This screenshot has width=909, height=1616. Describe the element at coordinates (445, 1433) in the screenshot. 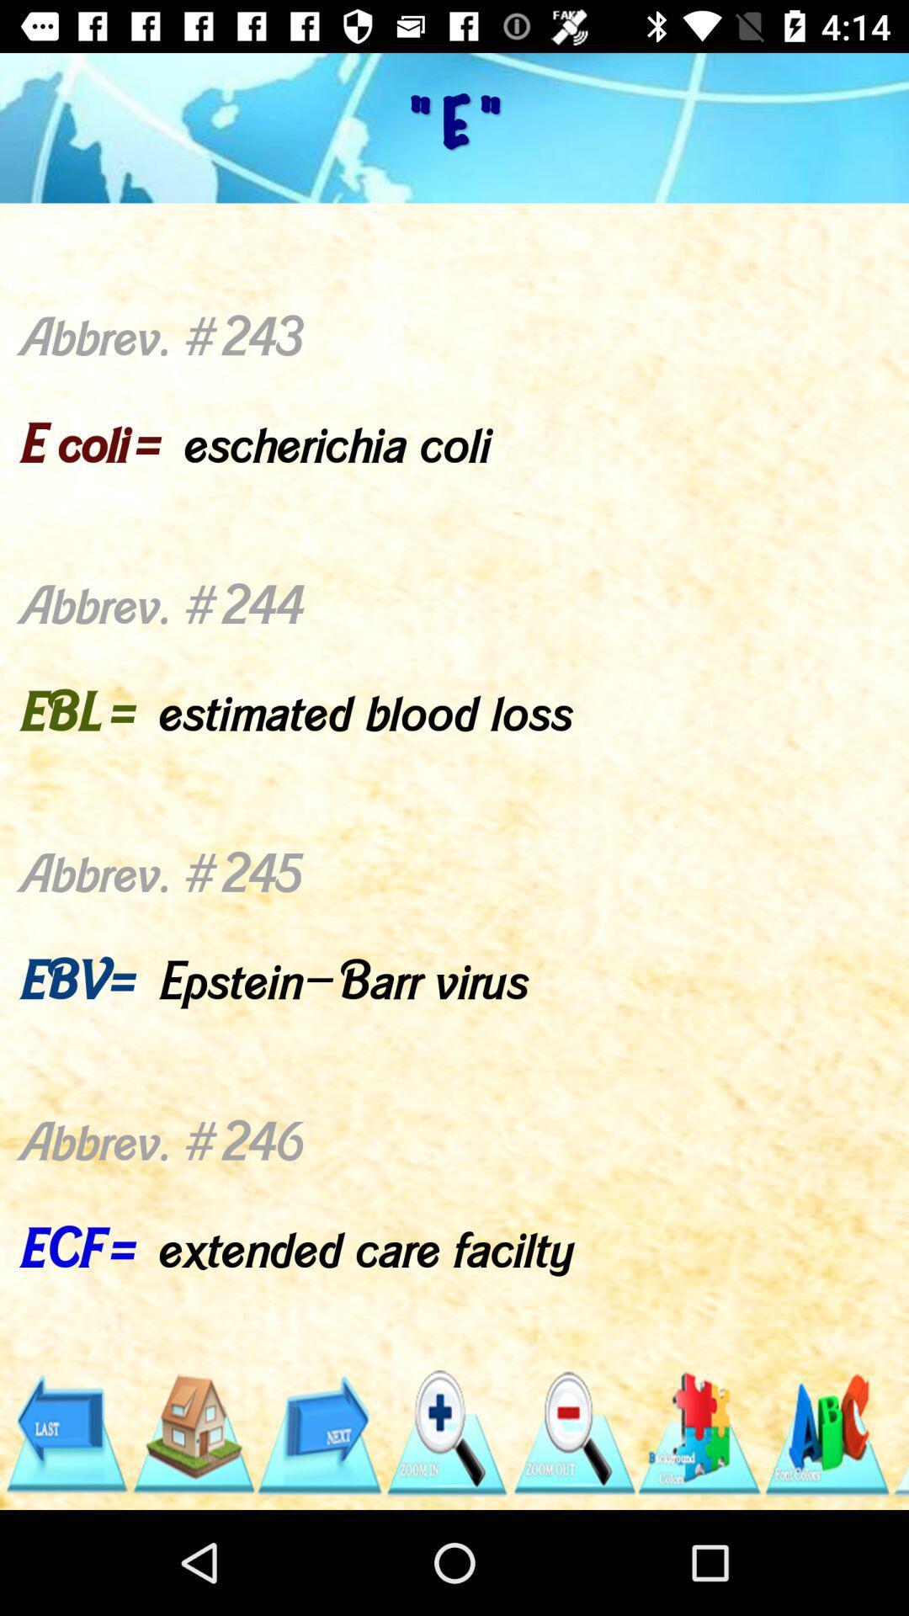

I see `zooms in` at that location.